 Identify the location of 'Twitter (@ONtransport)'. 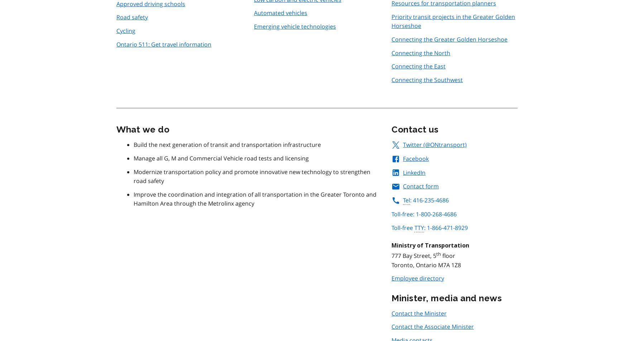
(403, 145).